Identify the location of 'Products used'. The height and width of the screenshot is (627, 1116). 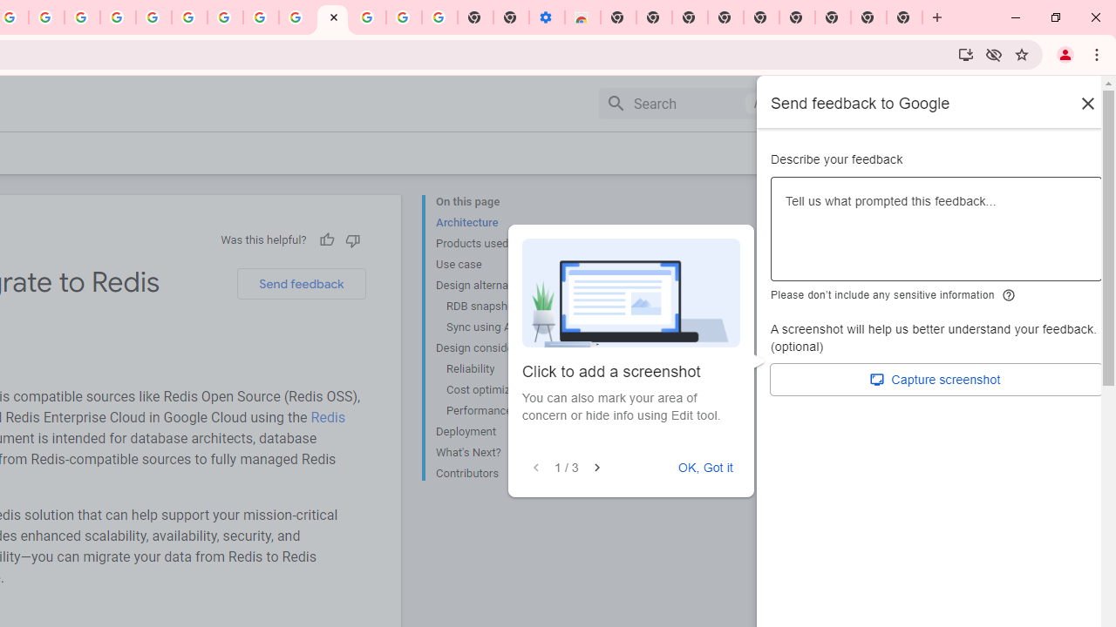
(505, 244).